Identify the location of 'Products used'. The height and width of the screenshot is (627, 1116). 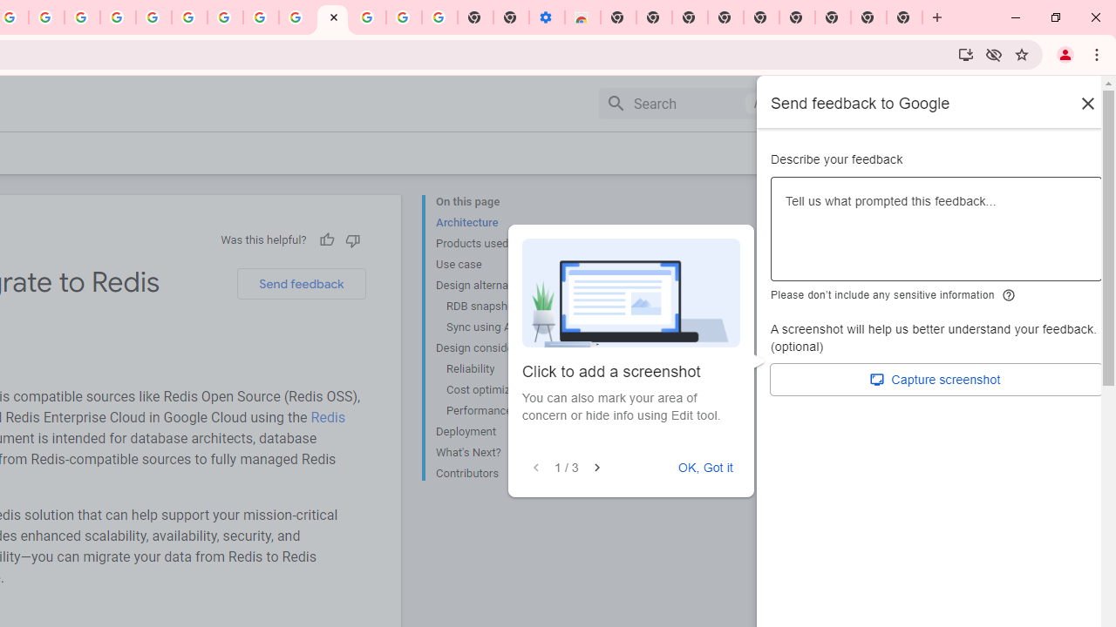
(505, 244).